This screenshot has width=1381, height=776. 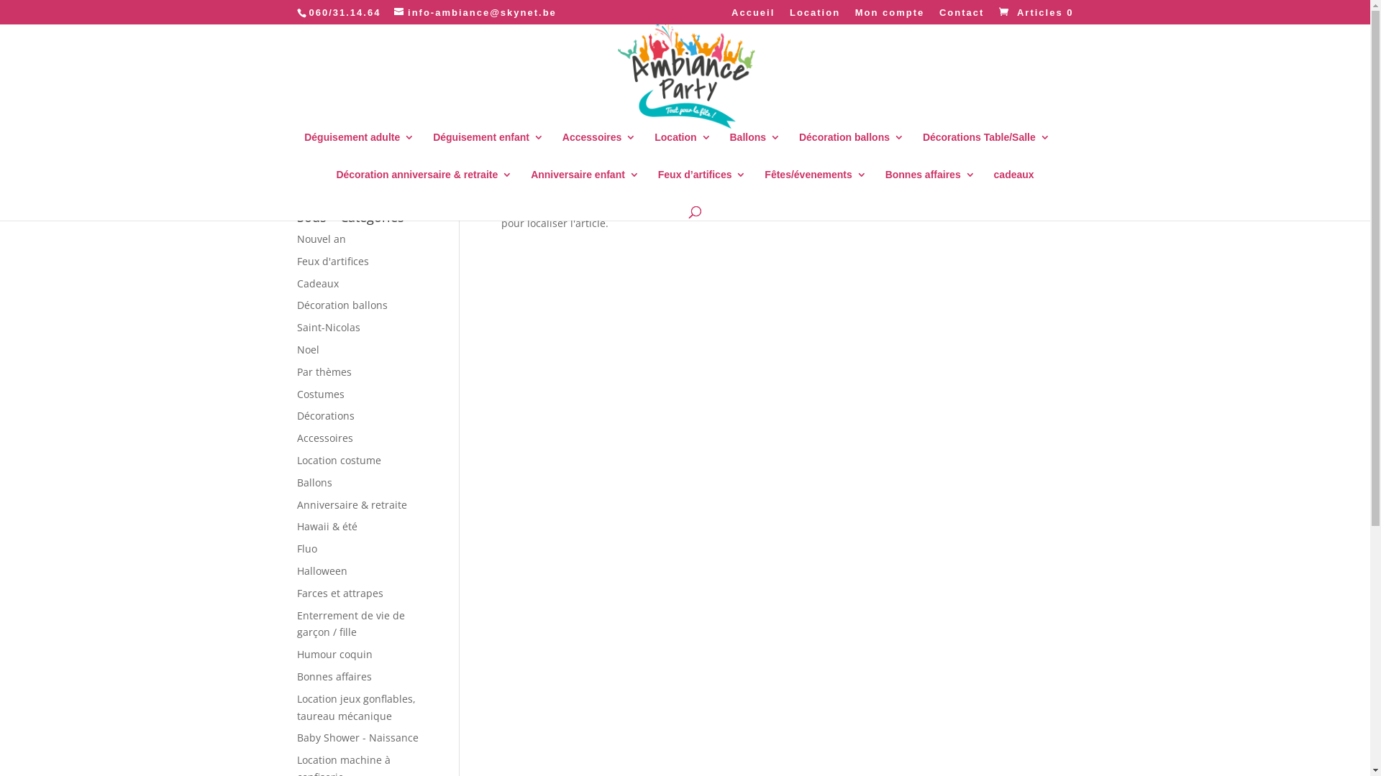 I want to click on 'cadeaux', so click(x=1013, y=185).